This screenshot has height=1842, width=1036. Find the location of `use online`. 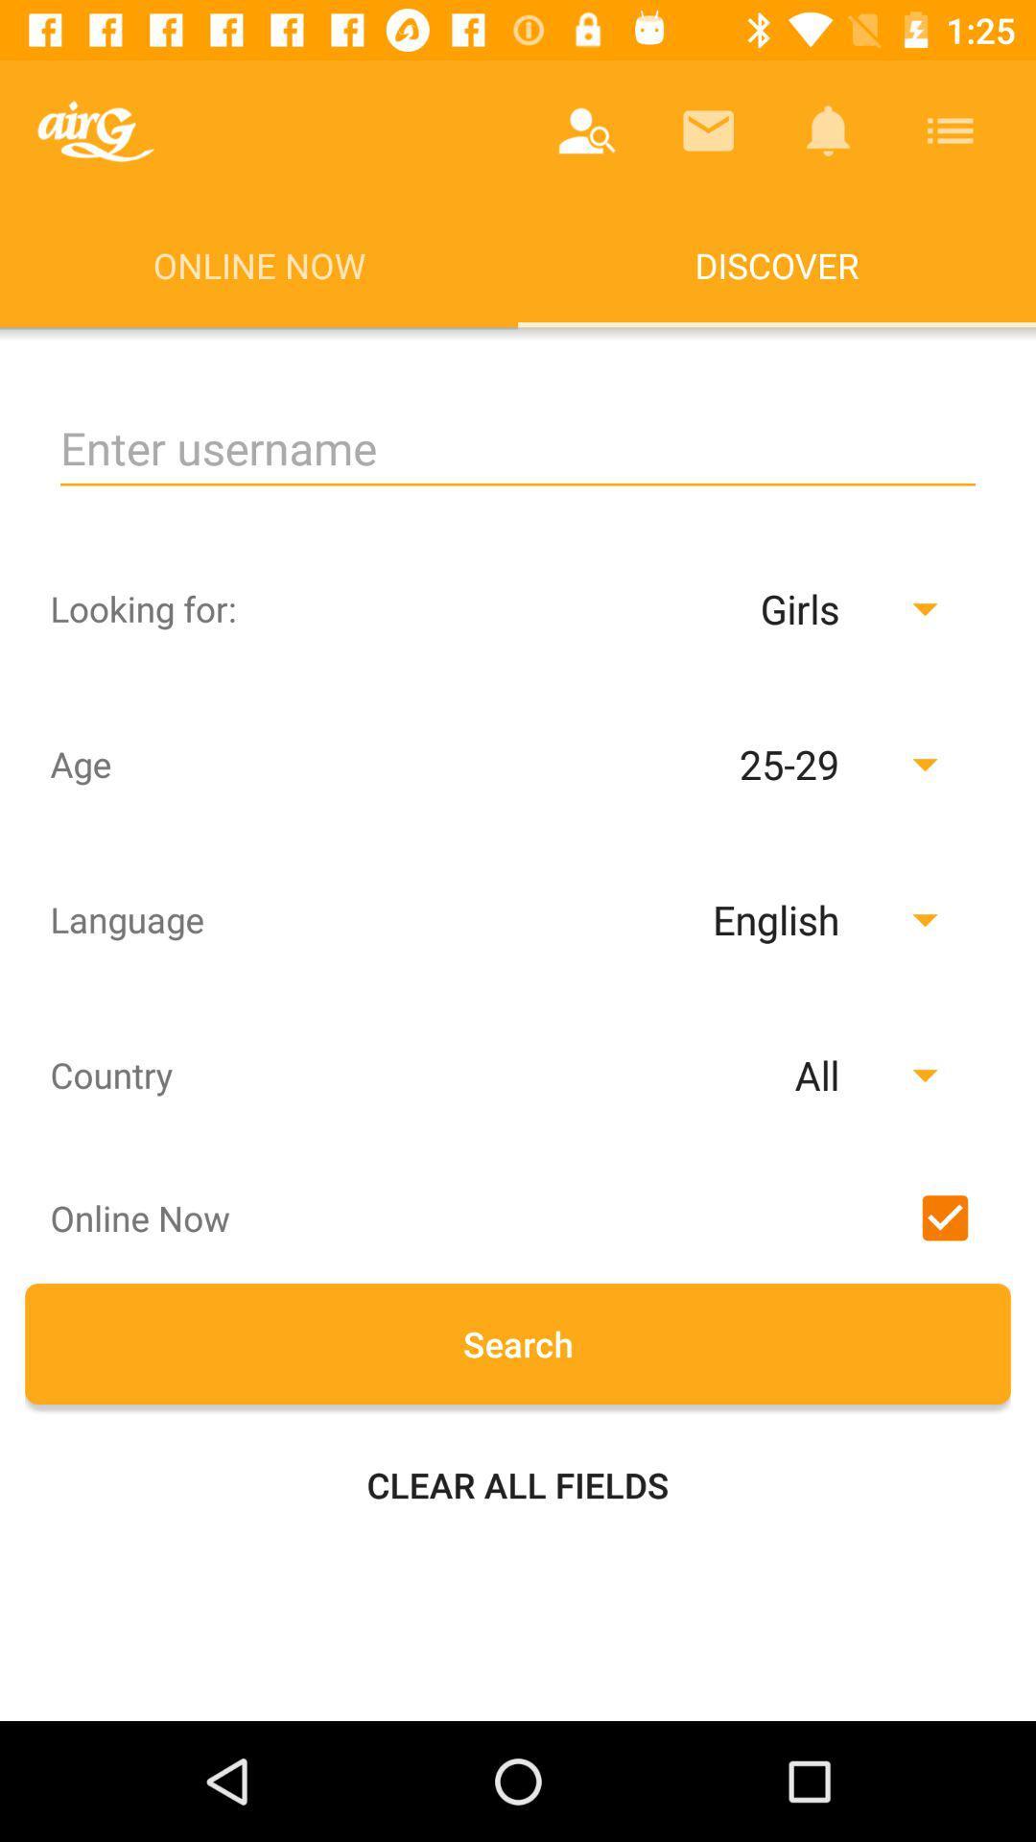

use online is located at coordinates (944, 1216).